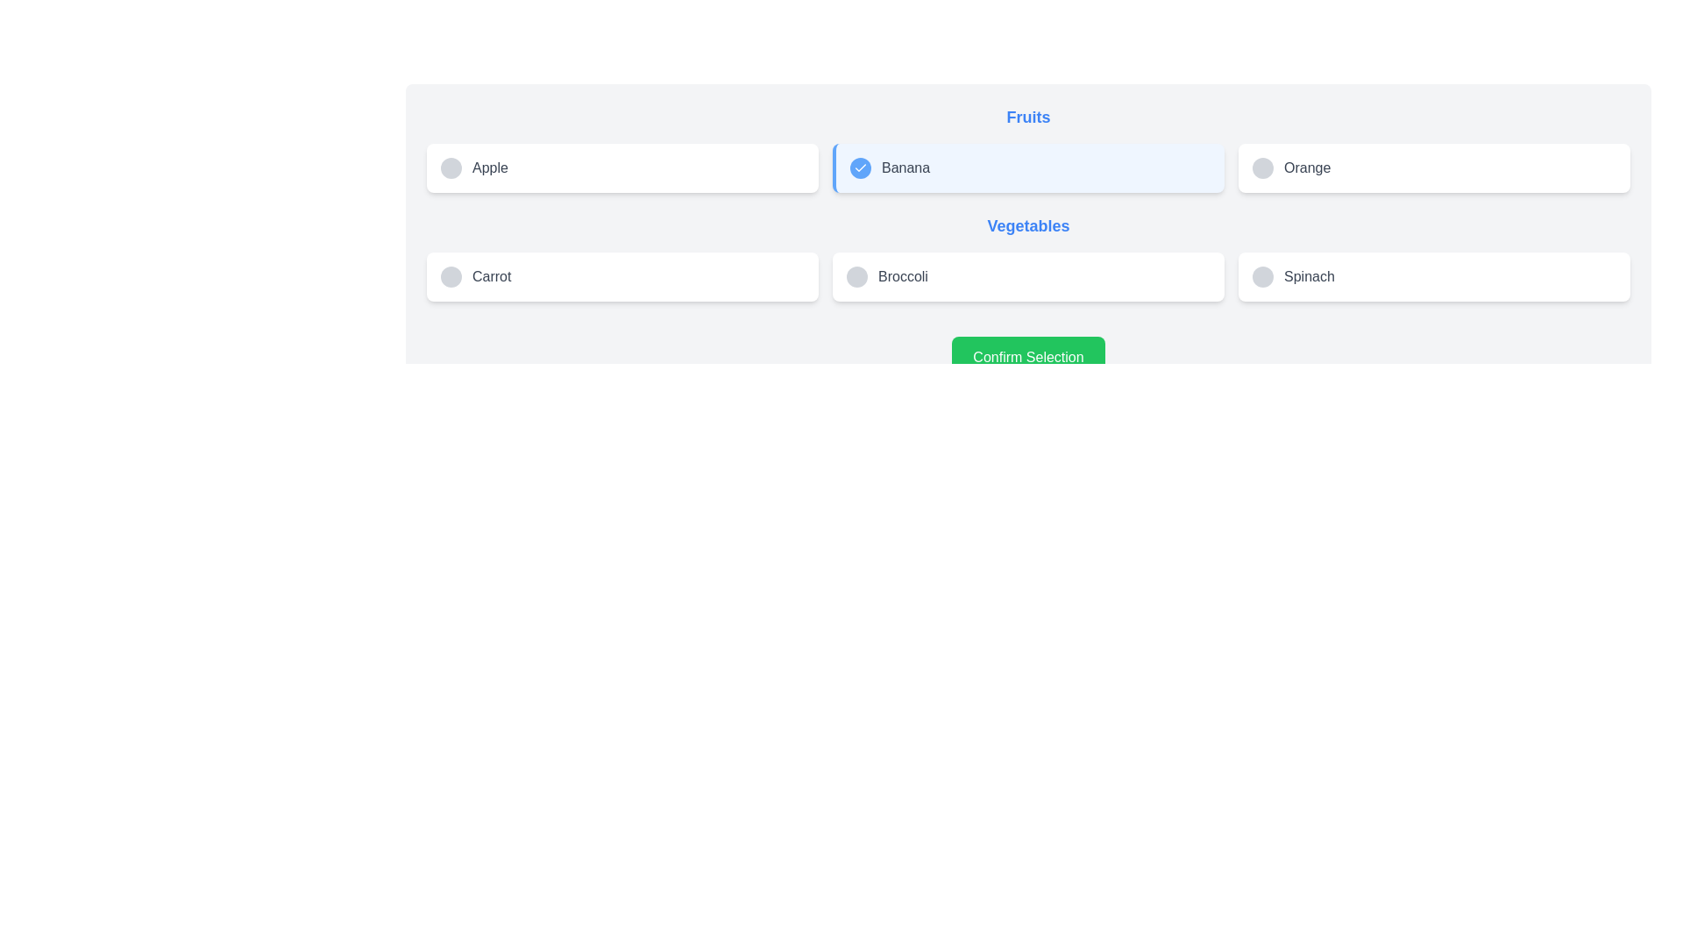  Describe the element at coordinates (1434, 168) in the screenshot. I see `the third option in the 'Fruits' category, which is a clickable card or option selector` at that location.